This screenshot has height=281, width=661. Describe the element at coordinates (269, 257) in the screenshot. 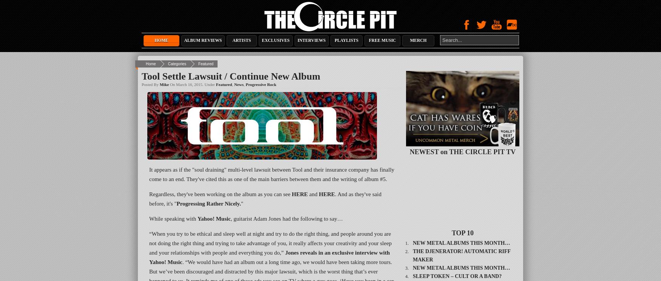

I see `'Jones reveals in an exclusive interview with Yahoo! Music'` at that location.